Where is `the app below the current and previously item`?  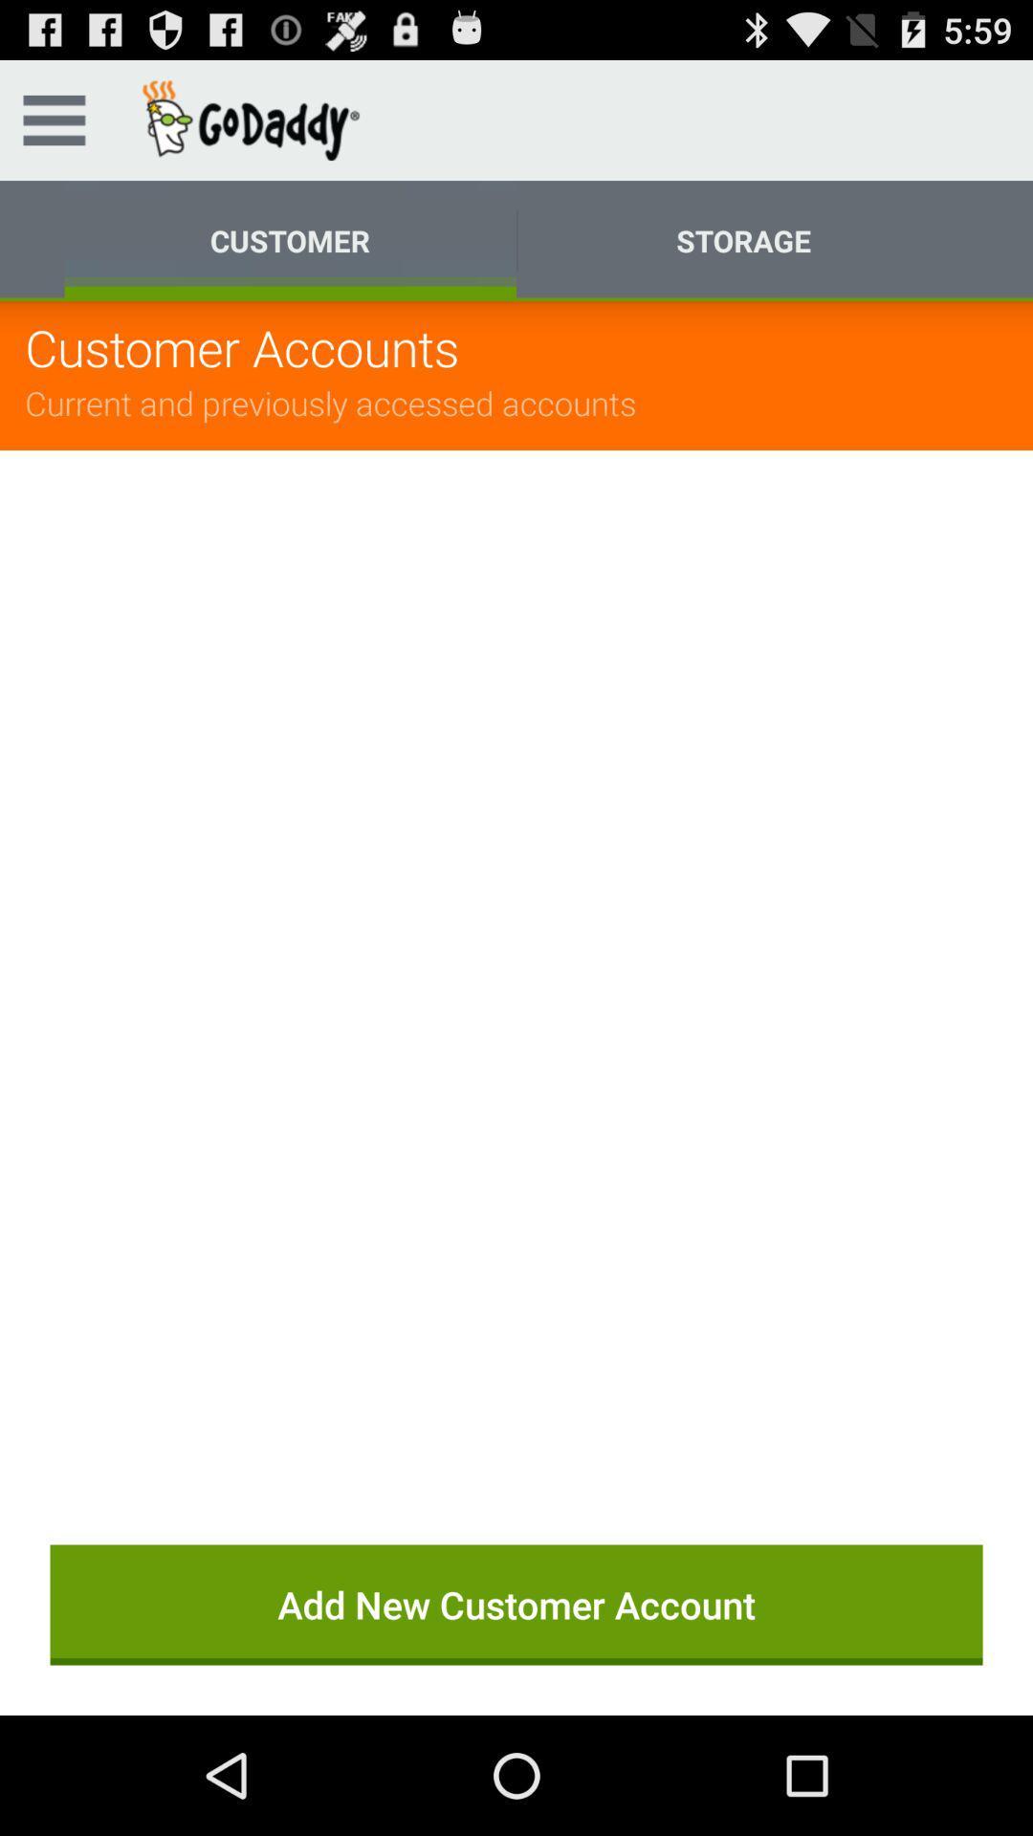 the app below the current and previously item is located at coordinates (516, 973).